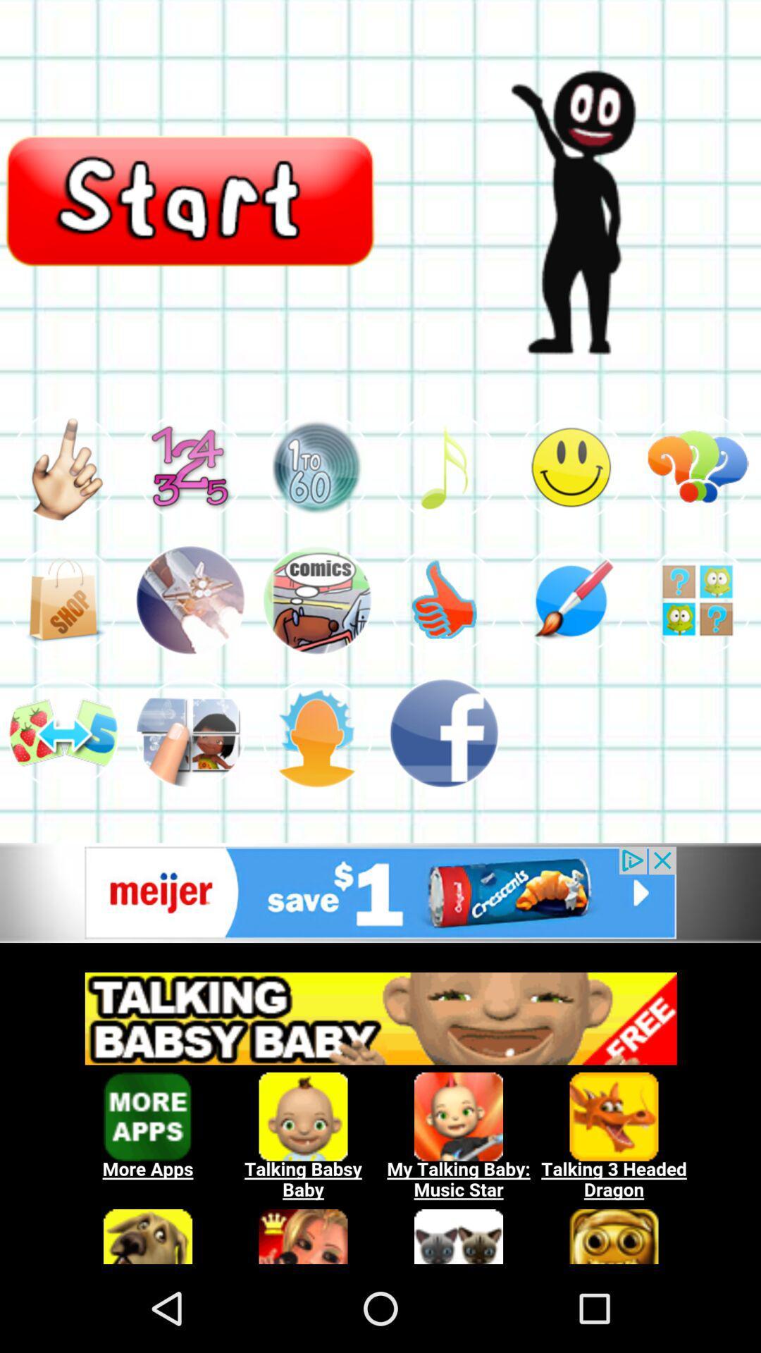  Describe the element at coordinates (443, 467) in the screenshot. I see `it` at that location.